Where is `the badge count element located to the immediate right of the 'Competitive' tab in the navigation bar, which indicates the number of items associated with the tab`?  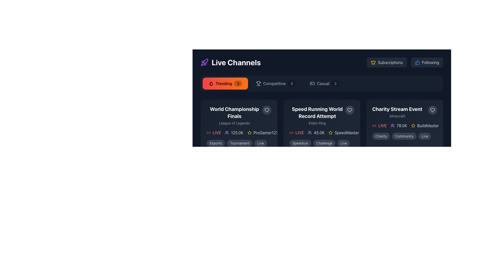 the badge count element located to the immediate right of the 'Competitive' tab in the navigation bar, which indicates the number of items associated with the tab is located at coordinates (291, 83).